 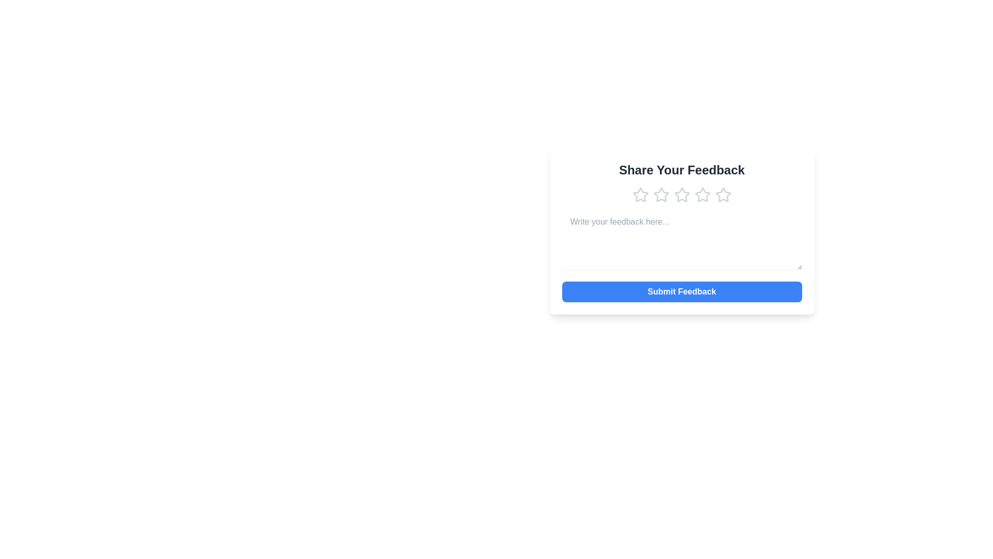 I want to click on the first star icon in the 'Share Your Feedback' section, which allows users to rate an item or service as '1 star', so click(x=640, y=195).